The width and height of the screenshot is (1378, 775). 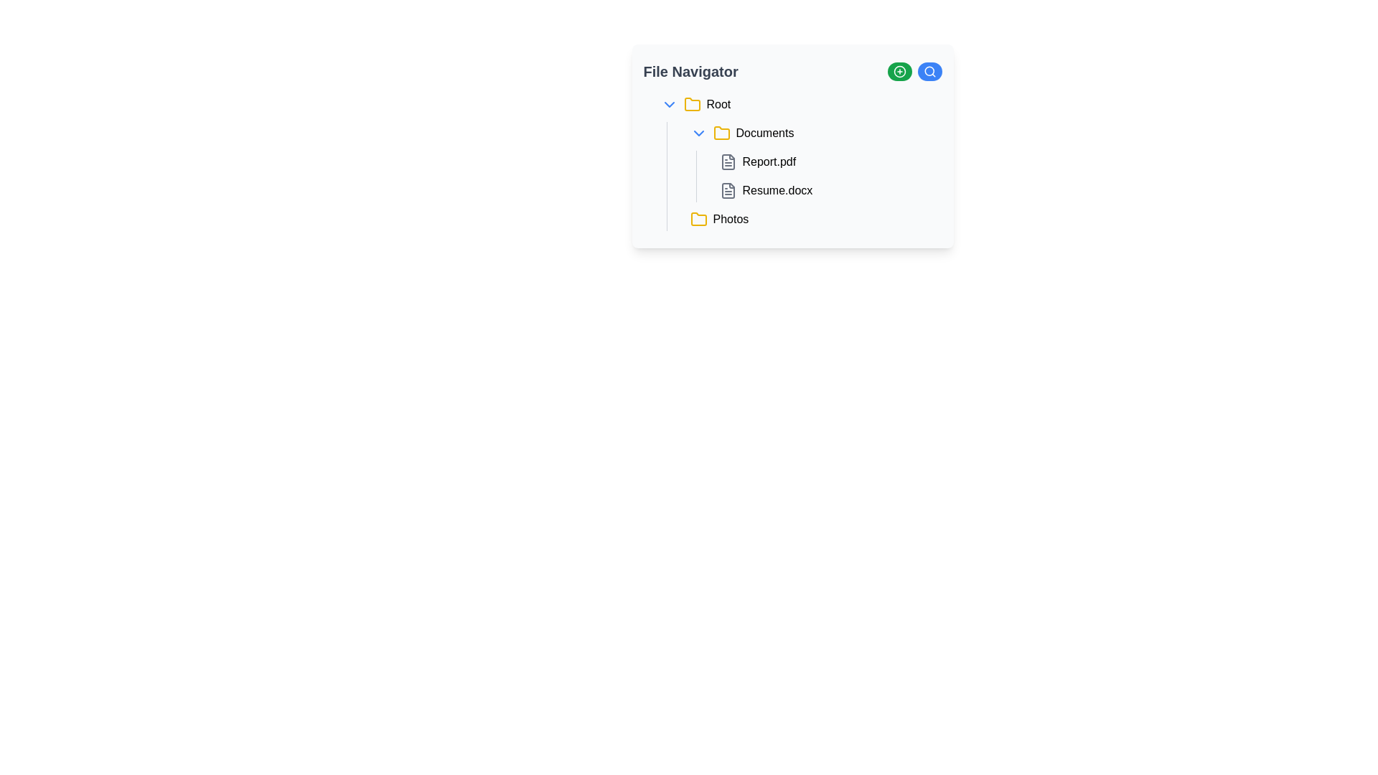 I want to click on the 'Resume.docx' icon in the 'Documents' folder of the 'File Navigator', so click(x=728, y=190).